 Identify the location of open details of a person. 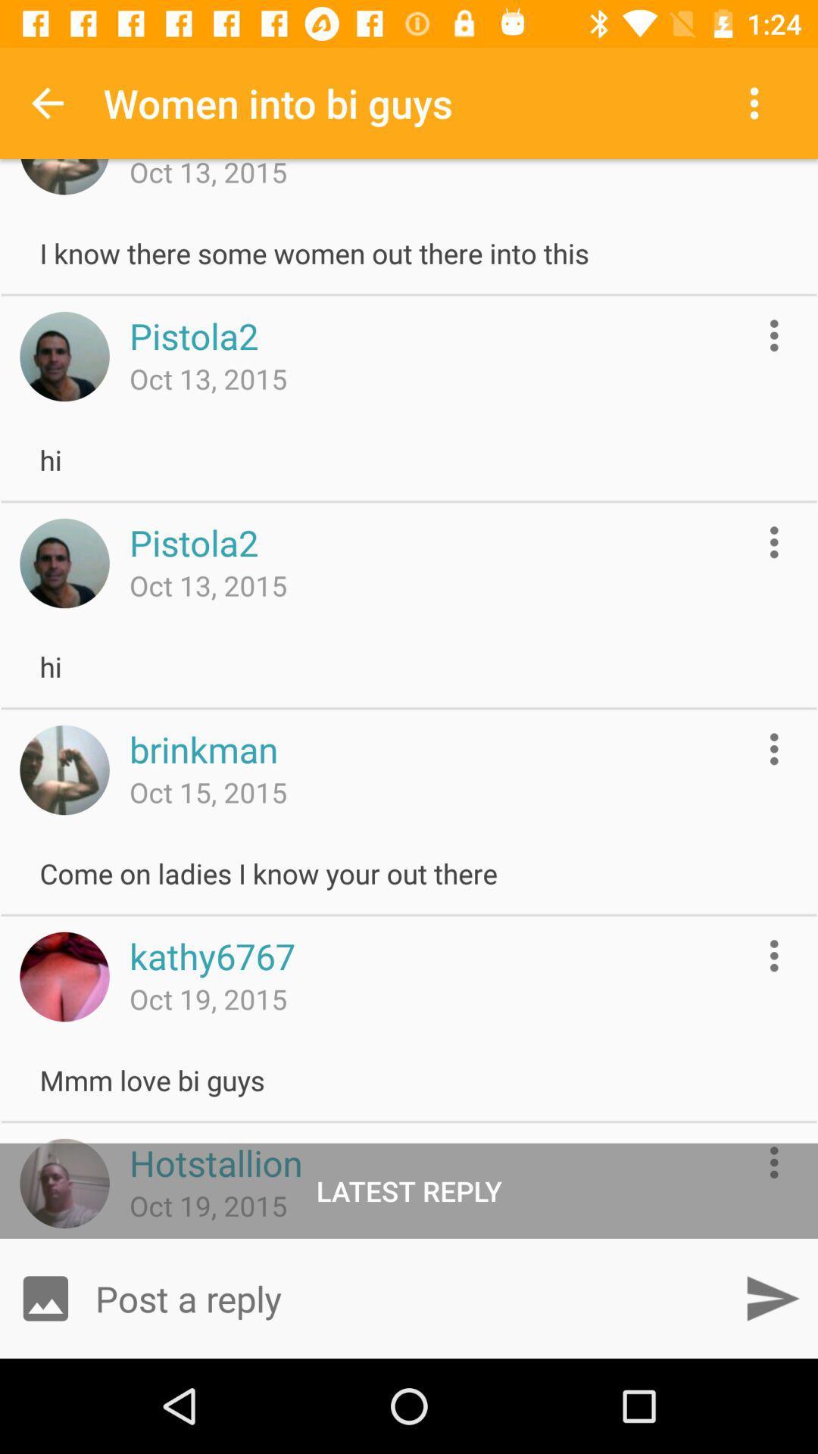
(774, 335).